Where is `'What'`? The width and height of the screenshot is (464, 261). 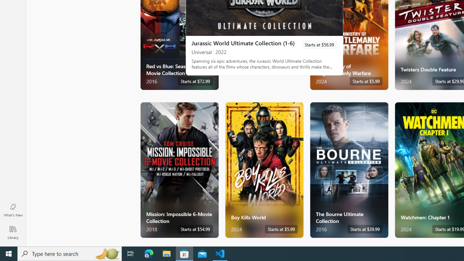
'What' is located at coordinates (13, 210).